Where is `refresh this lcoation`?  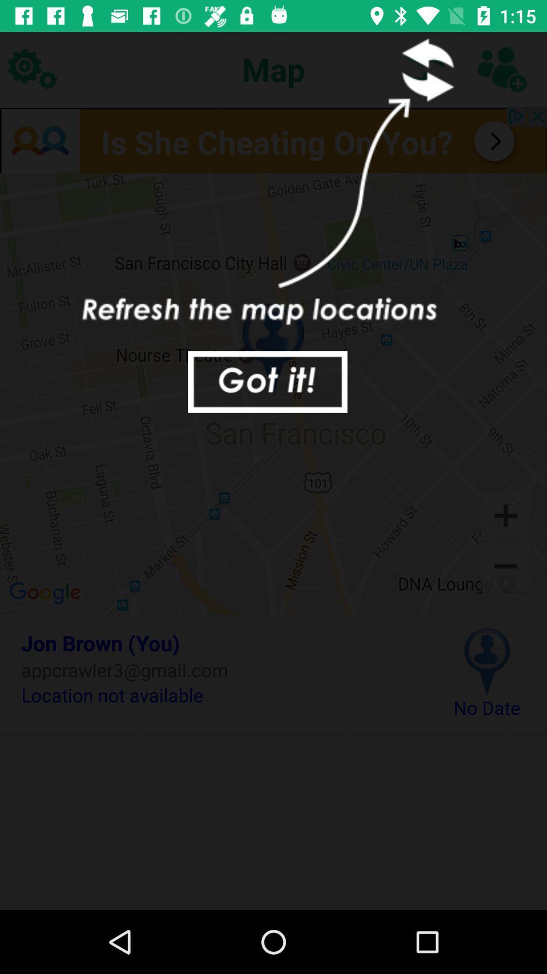 refresh this lcoation is located at coordinates (424, 68).